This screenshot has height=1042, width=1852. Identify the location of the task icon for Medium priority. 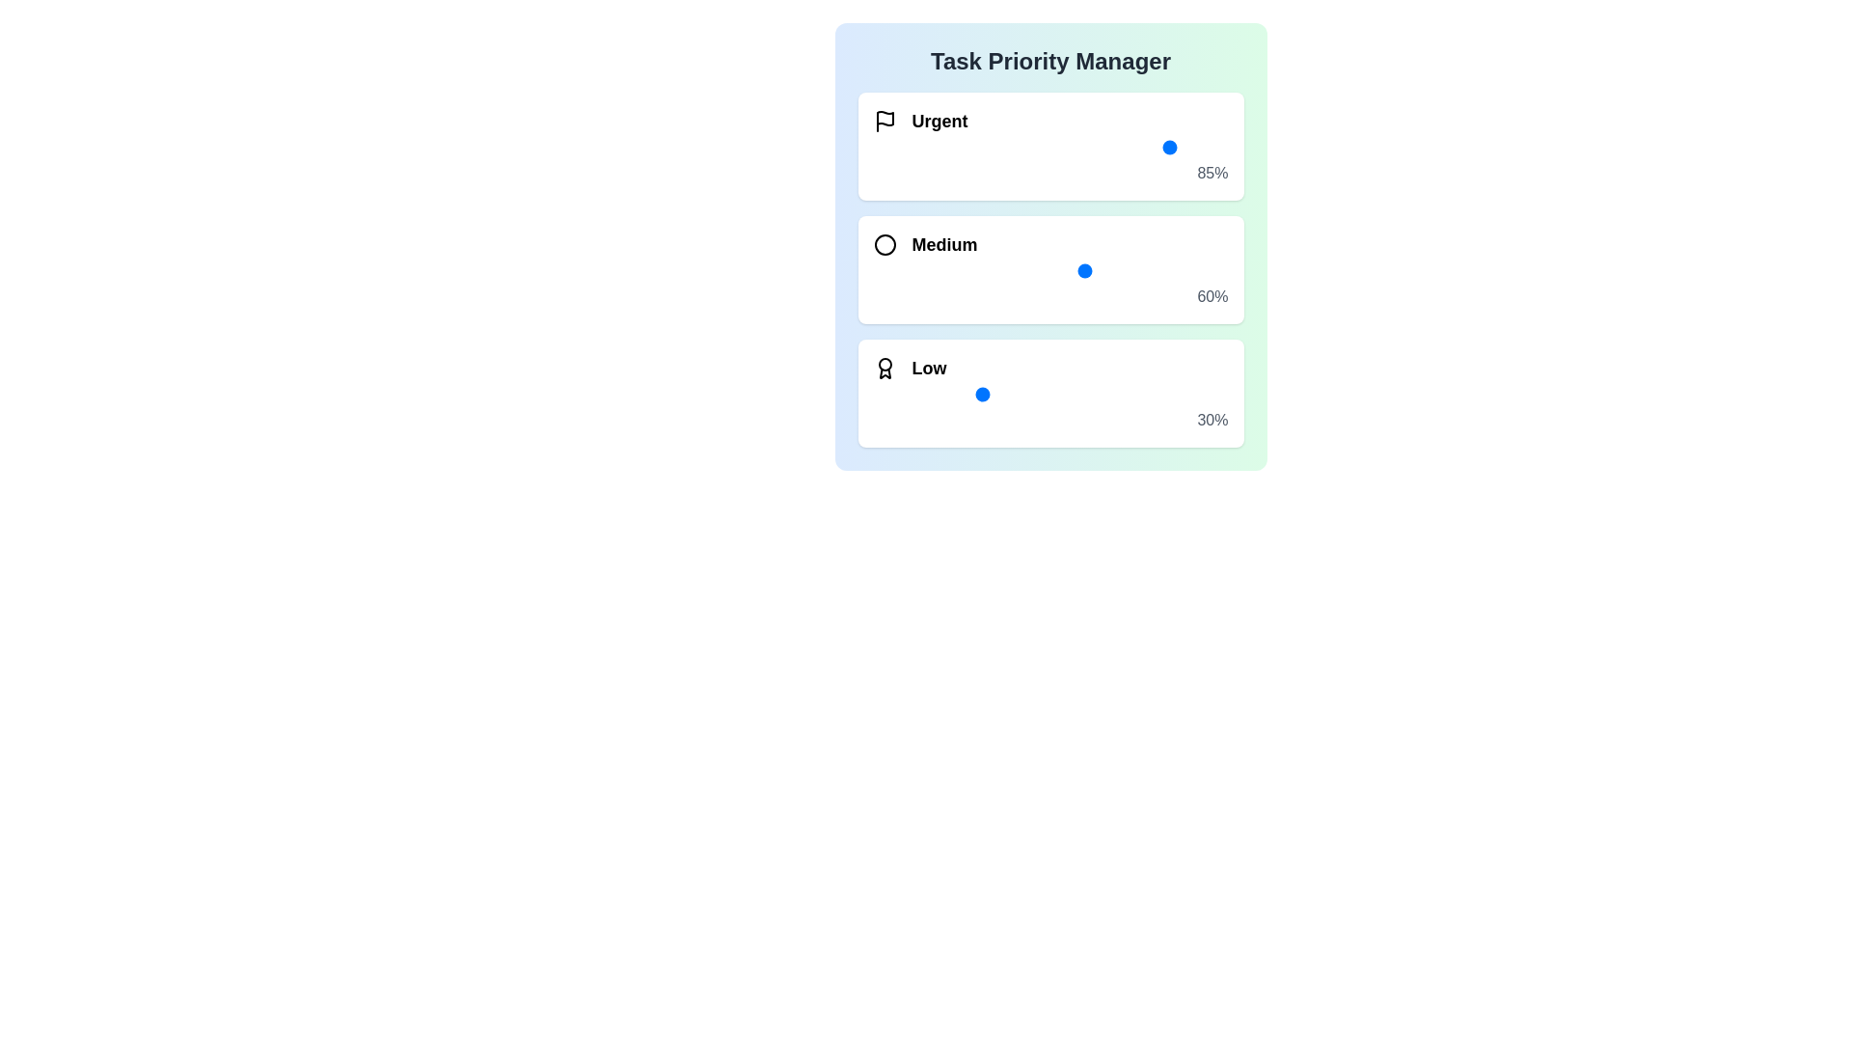
(884, 244).